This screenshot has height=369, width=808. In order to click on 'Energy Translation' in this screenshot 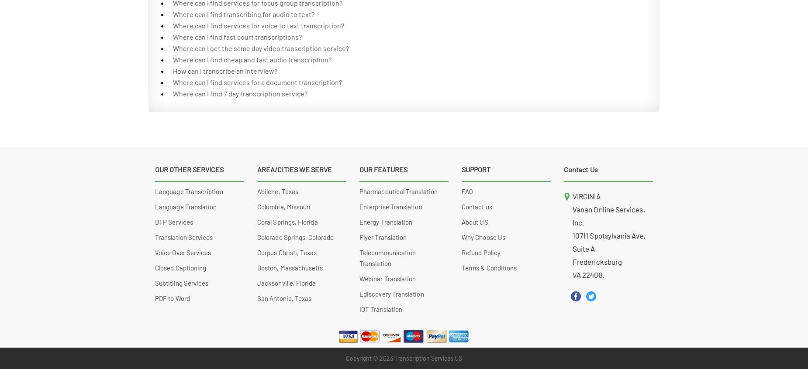, I will do `click(359, 222)`.